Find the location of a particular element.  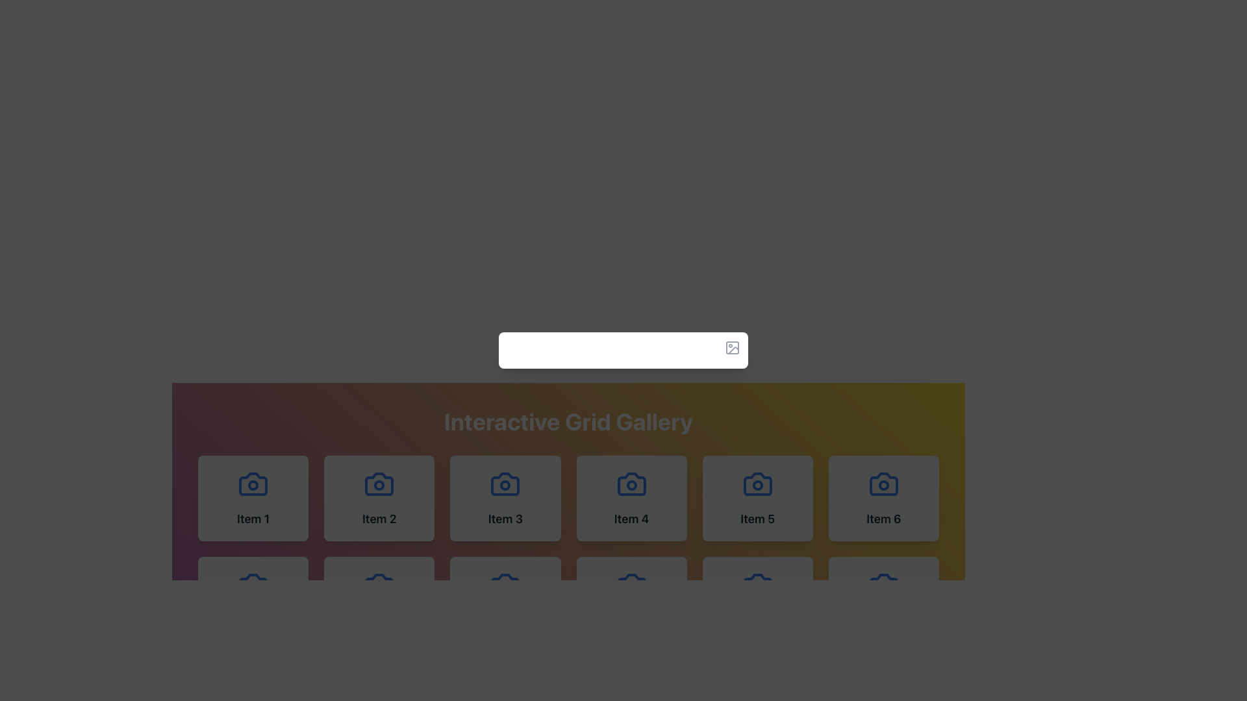

the camera icon located above the text labeled 'Item 6', which has a blue outline and is part of the sixth item in a grid layout is located at coordinates (883, 484).